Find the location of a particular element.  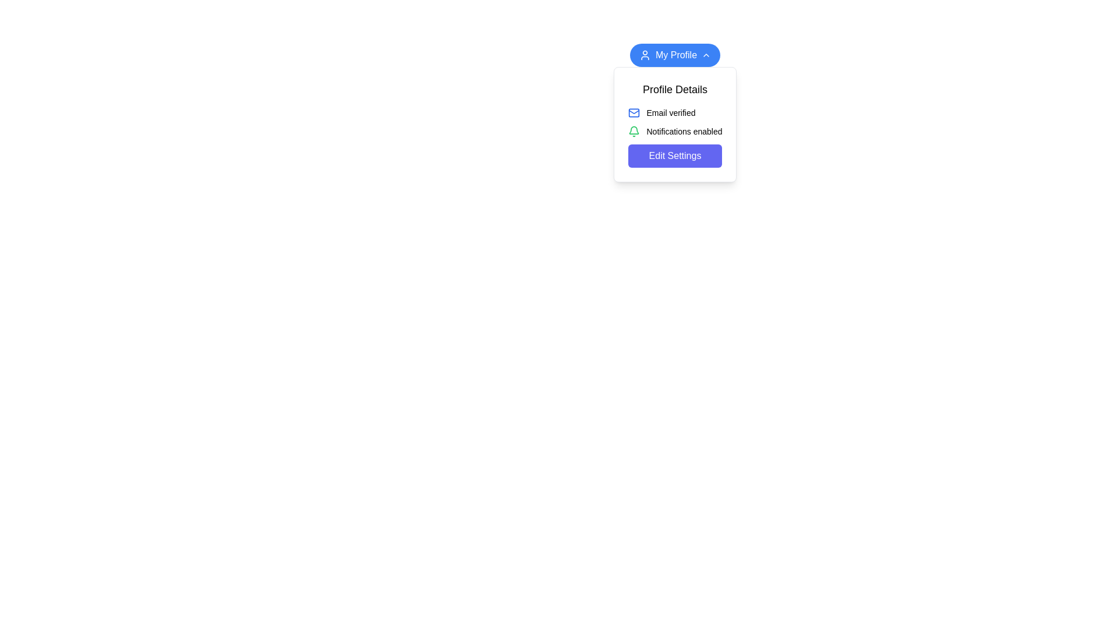

the envelope icon with a blue outline next to the 'Email verified' text in the 'Profile Details' popup is located at coordinates (633, 112).